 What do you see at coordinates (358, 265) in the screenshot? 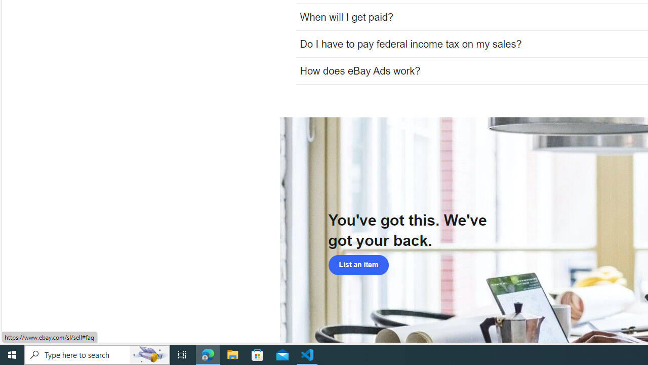
I see `'List an item'` at bounding box center [358, 265].